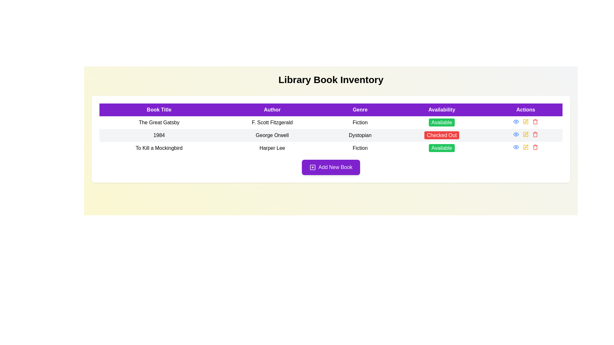 Image resolution: width=614 pixels, height=345 pixels. I want to click on text 'Harper Lee' displayed in black under the 'Author' column in the third row of the table, positioned between 'To Kill a Mockingbird' and 'Fiction', so click(272, 148).